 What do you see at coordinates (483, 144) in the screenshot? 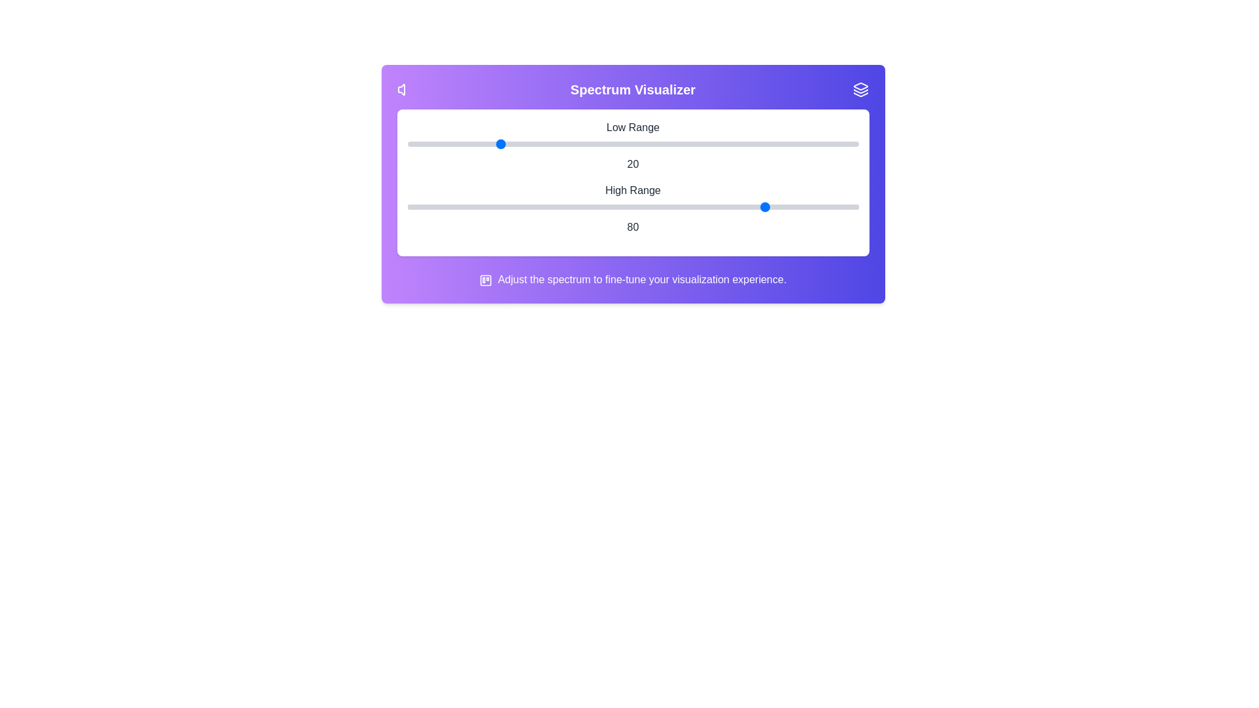
I see `the 0 slider to the value 17` at bounding box center [483, 144].